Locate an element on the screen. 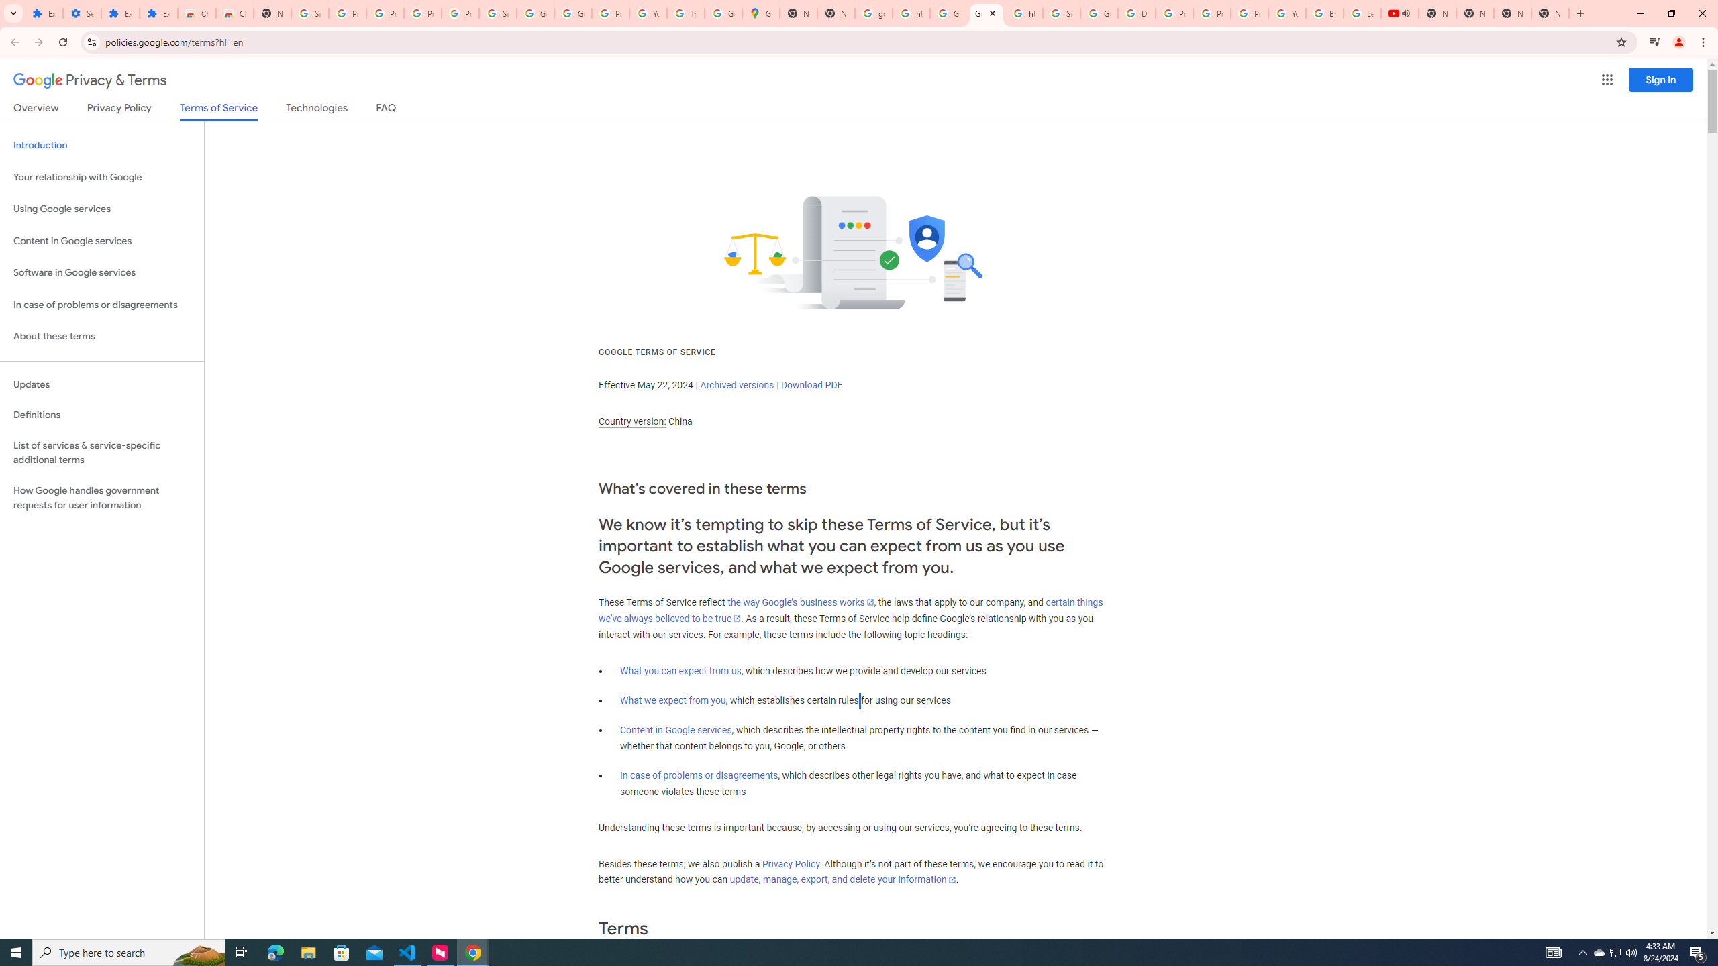  'Your relationship with Google' is located at coordinates (101, 177).